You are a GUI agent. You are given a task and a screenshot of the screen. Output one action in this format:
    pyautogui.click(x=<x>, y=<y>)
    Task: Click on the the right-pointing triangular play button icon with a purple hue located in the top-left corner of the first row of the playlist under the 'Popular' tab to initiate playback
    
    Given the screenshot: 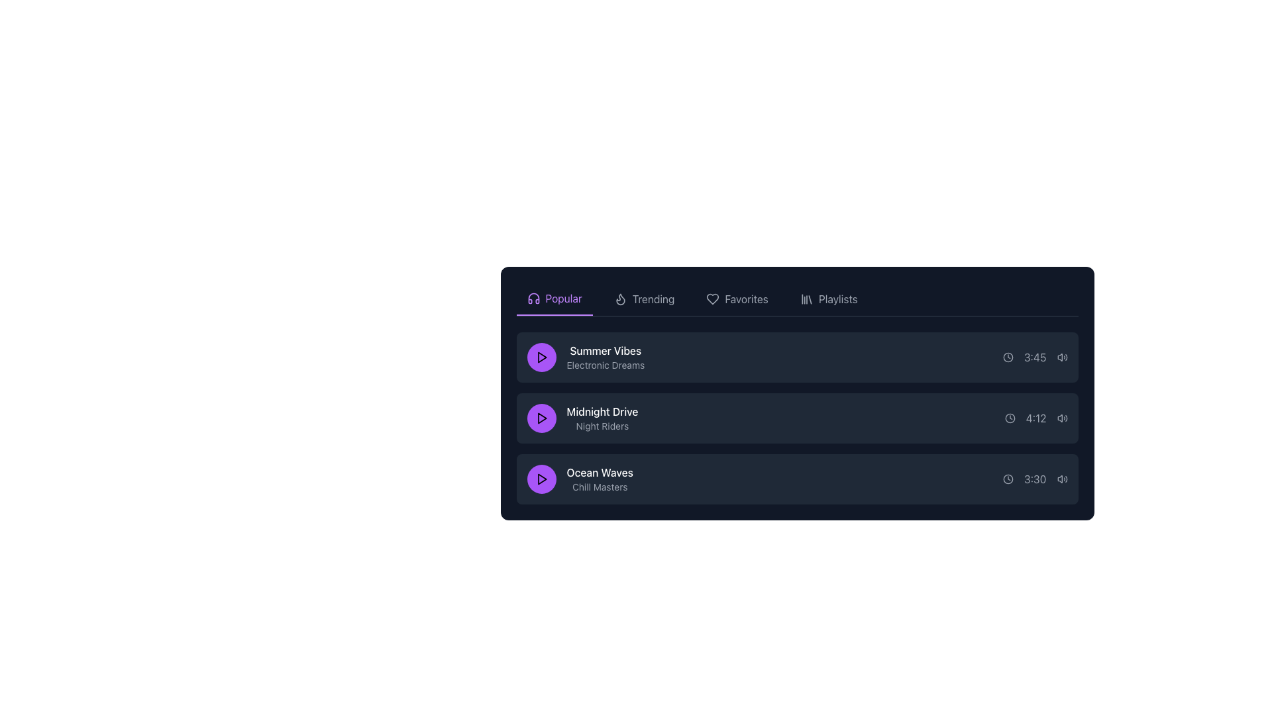 What is the action you would take?
    pyautogui.click(x=542, y=358)
    